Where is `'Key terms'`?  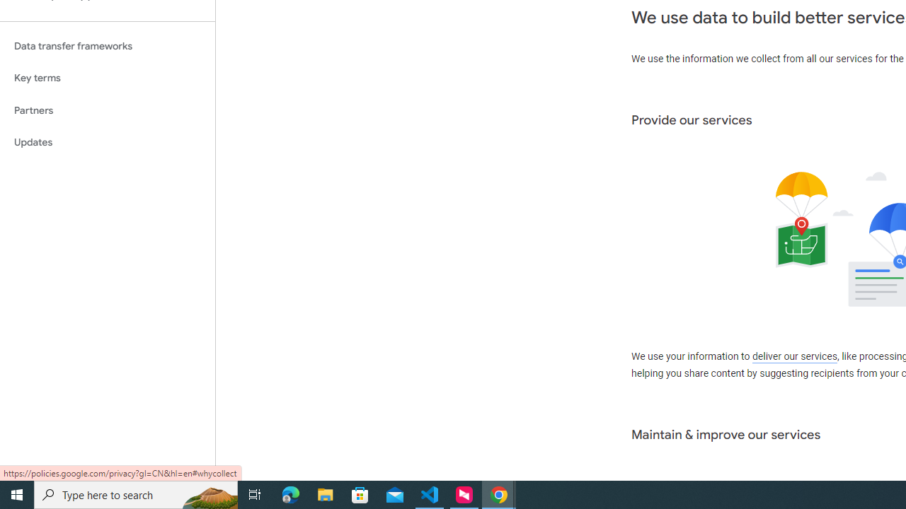
'Key terms' is located at coordinates (107, 78).